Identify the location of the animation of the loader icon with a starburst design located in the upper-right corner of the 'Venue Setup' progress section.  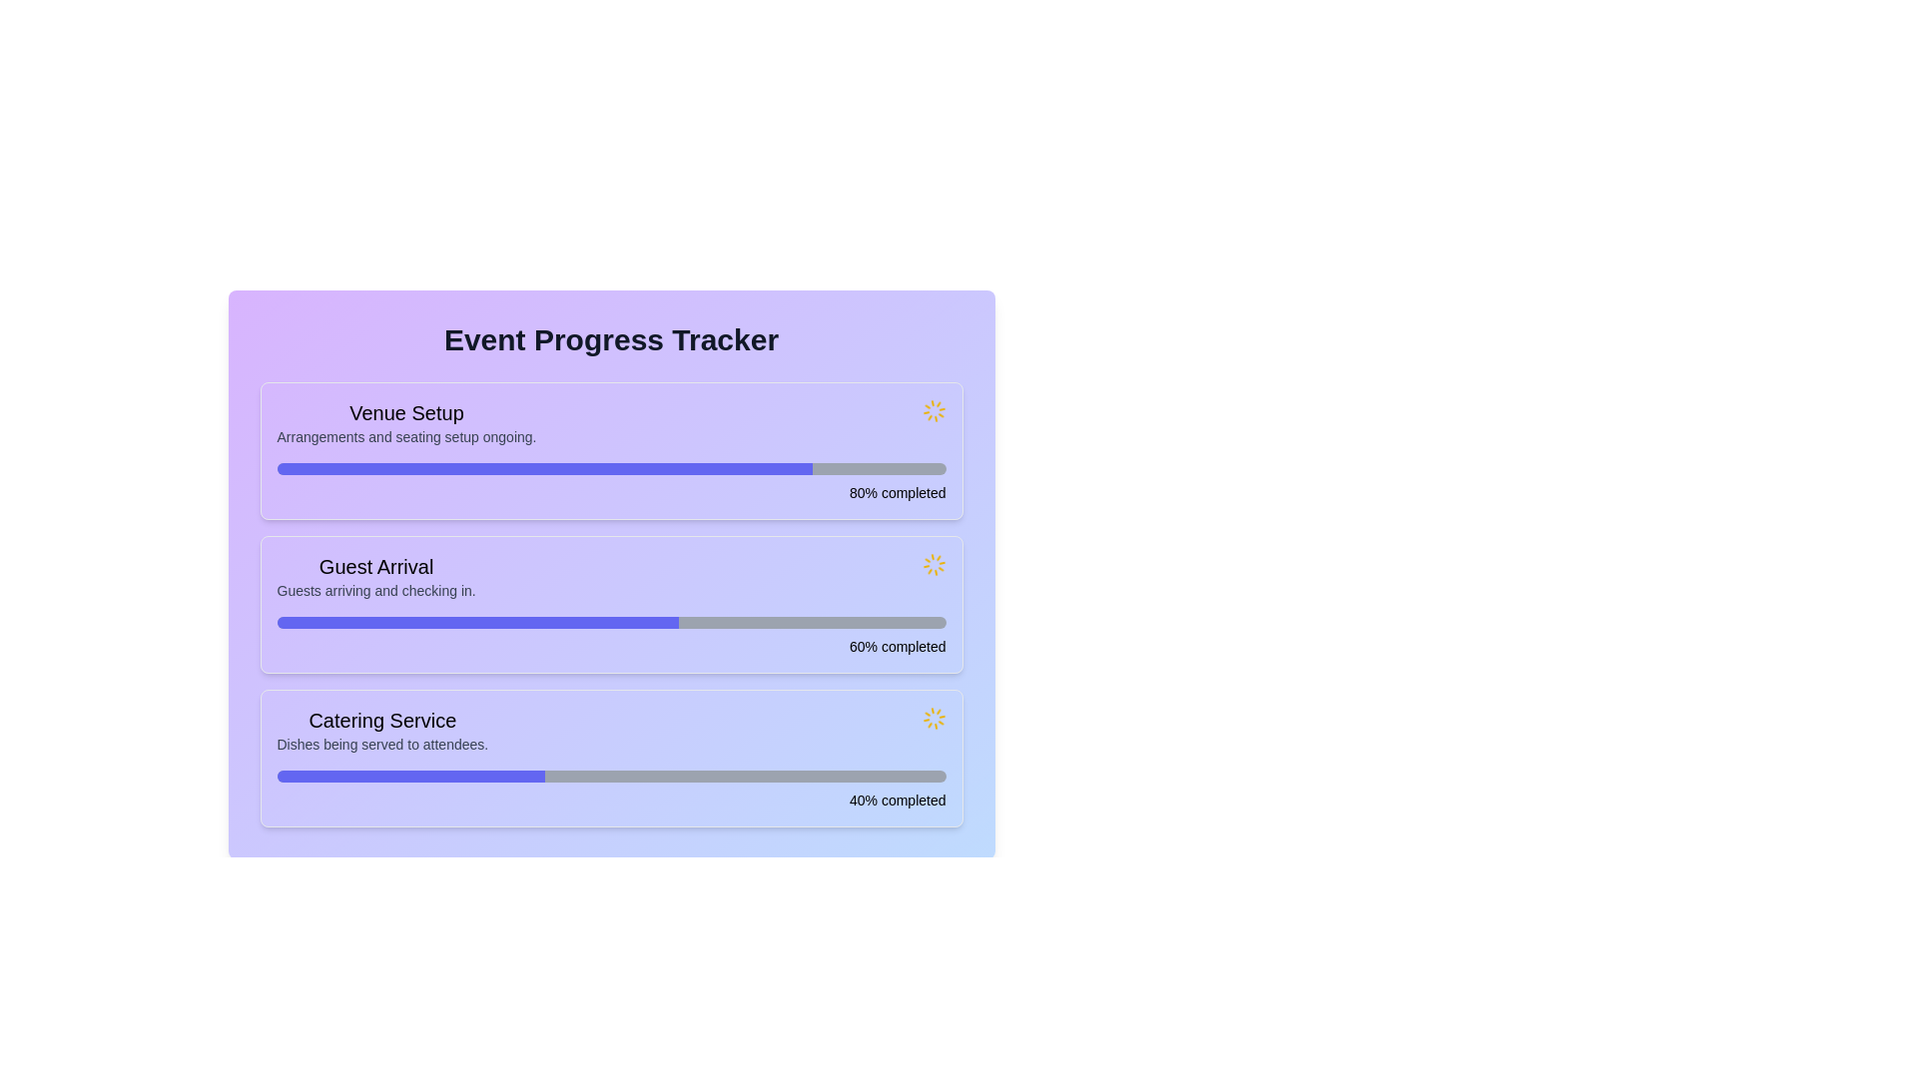
(933, 410).